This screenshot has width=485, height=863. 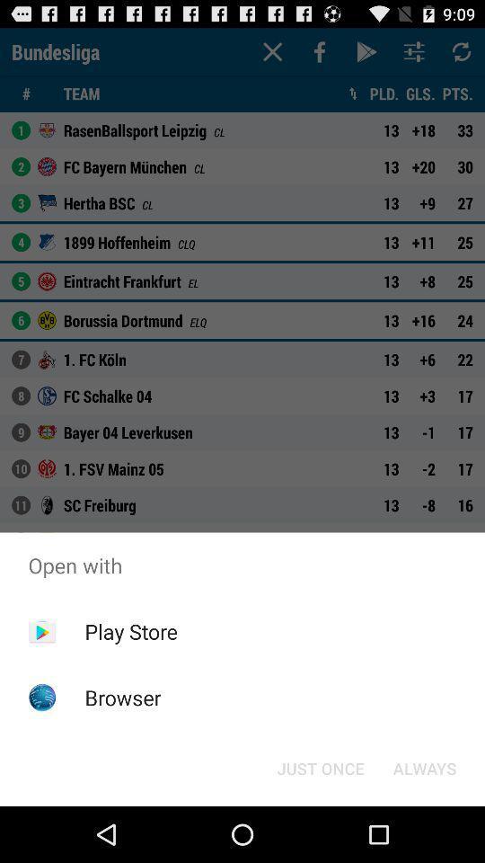 What do you see at coordinates (424, 767) in the screenshot?
I see `button next to the just once button` at bounding box center [424, 767].